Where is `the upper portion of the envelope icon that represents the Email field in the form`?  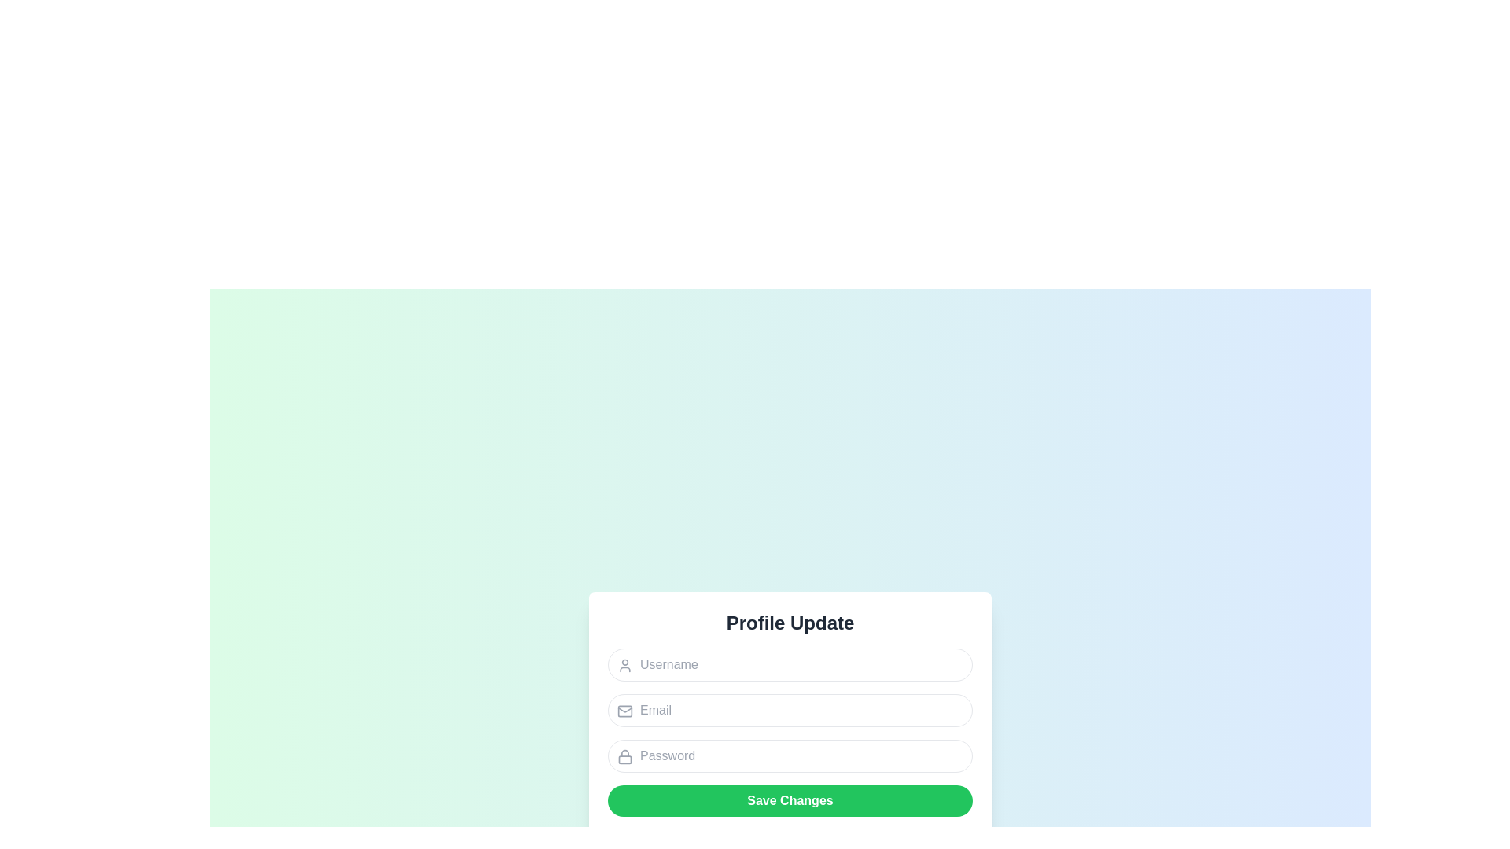 the upper portion of the envelope icon that represents the Email field in the form is located at coordinates (624, 711).